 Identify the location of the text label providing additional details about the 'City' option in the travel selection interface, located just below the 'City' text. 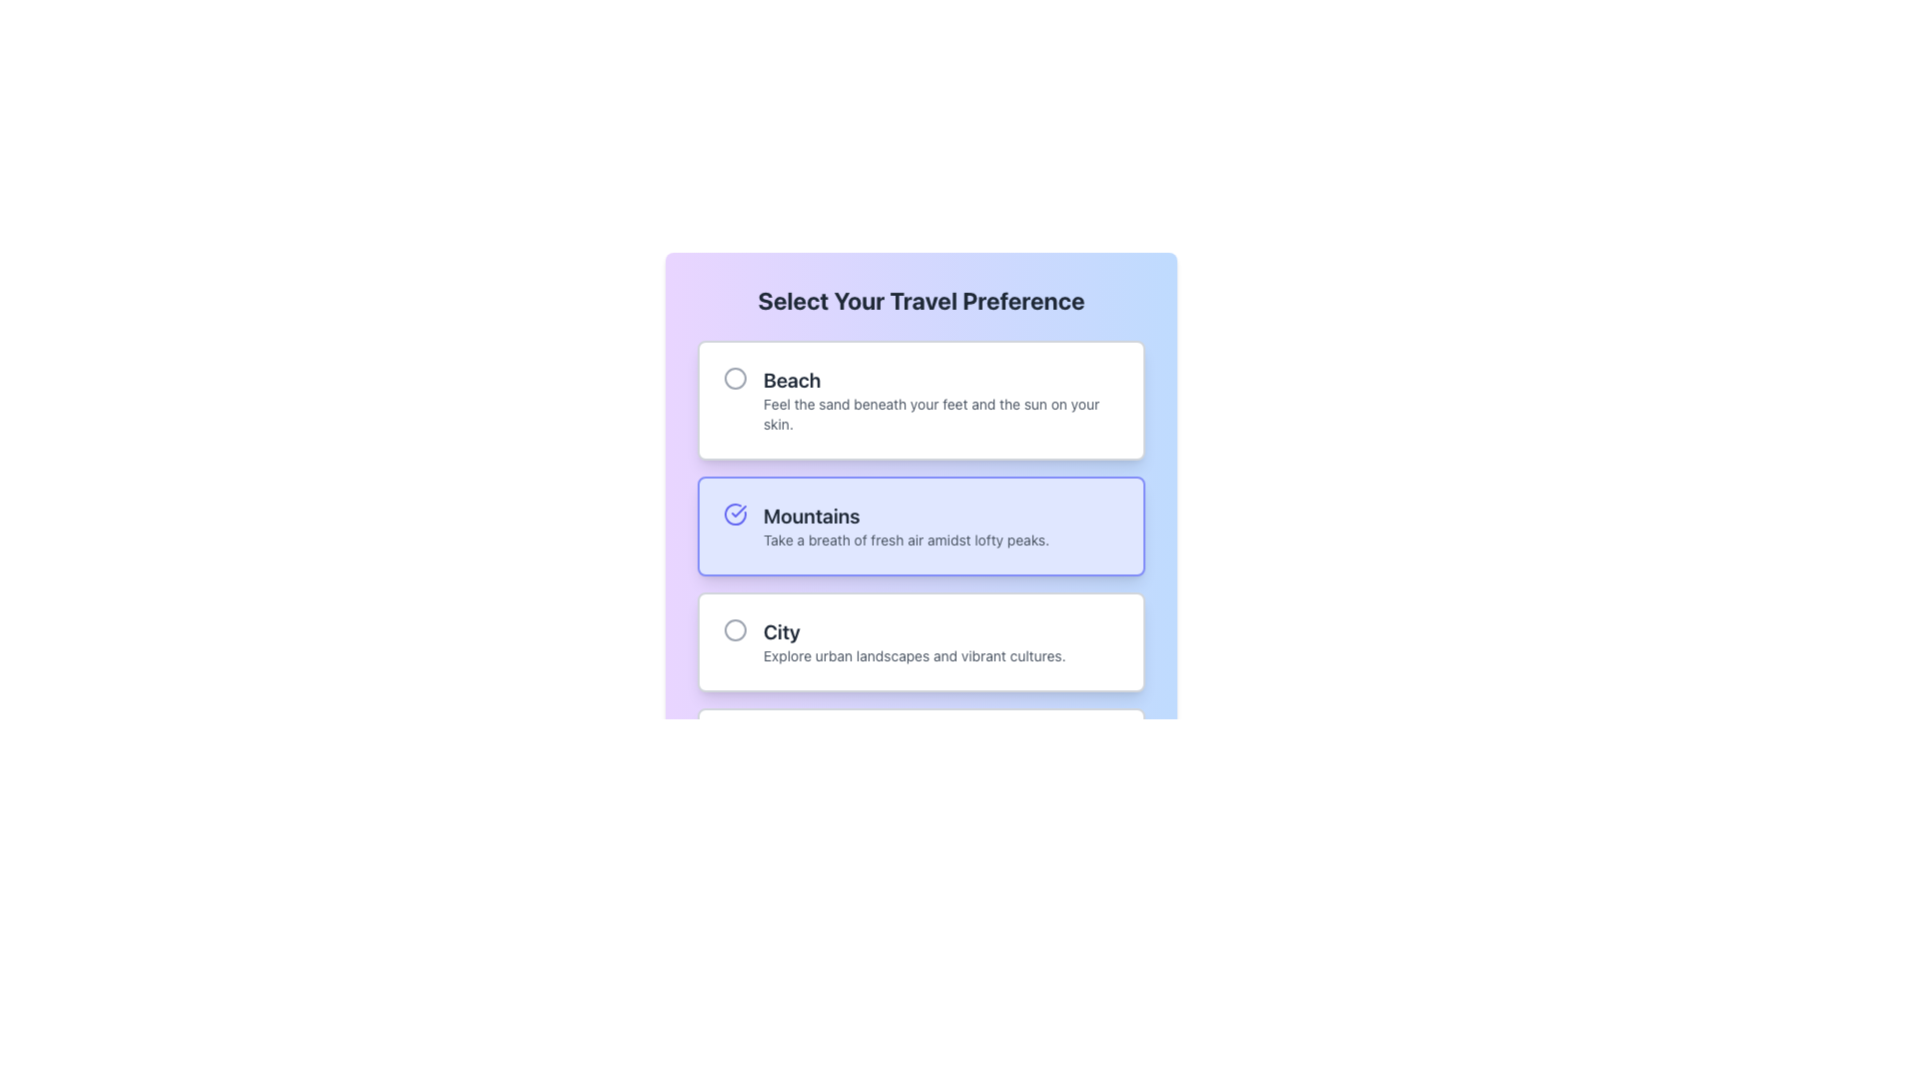
(914, 655).